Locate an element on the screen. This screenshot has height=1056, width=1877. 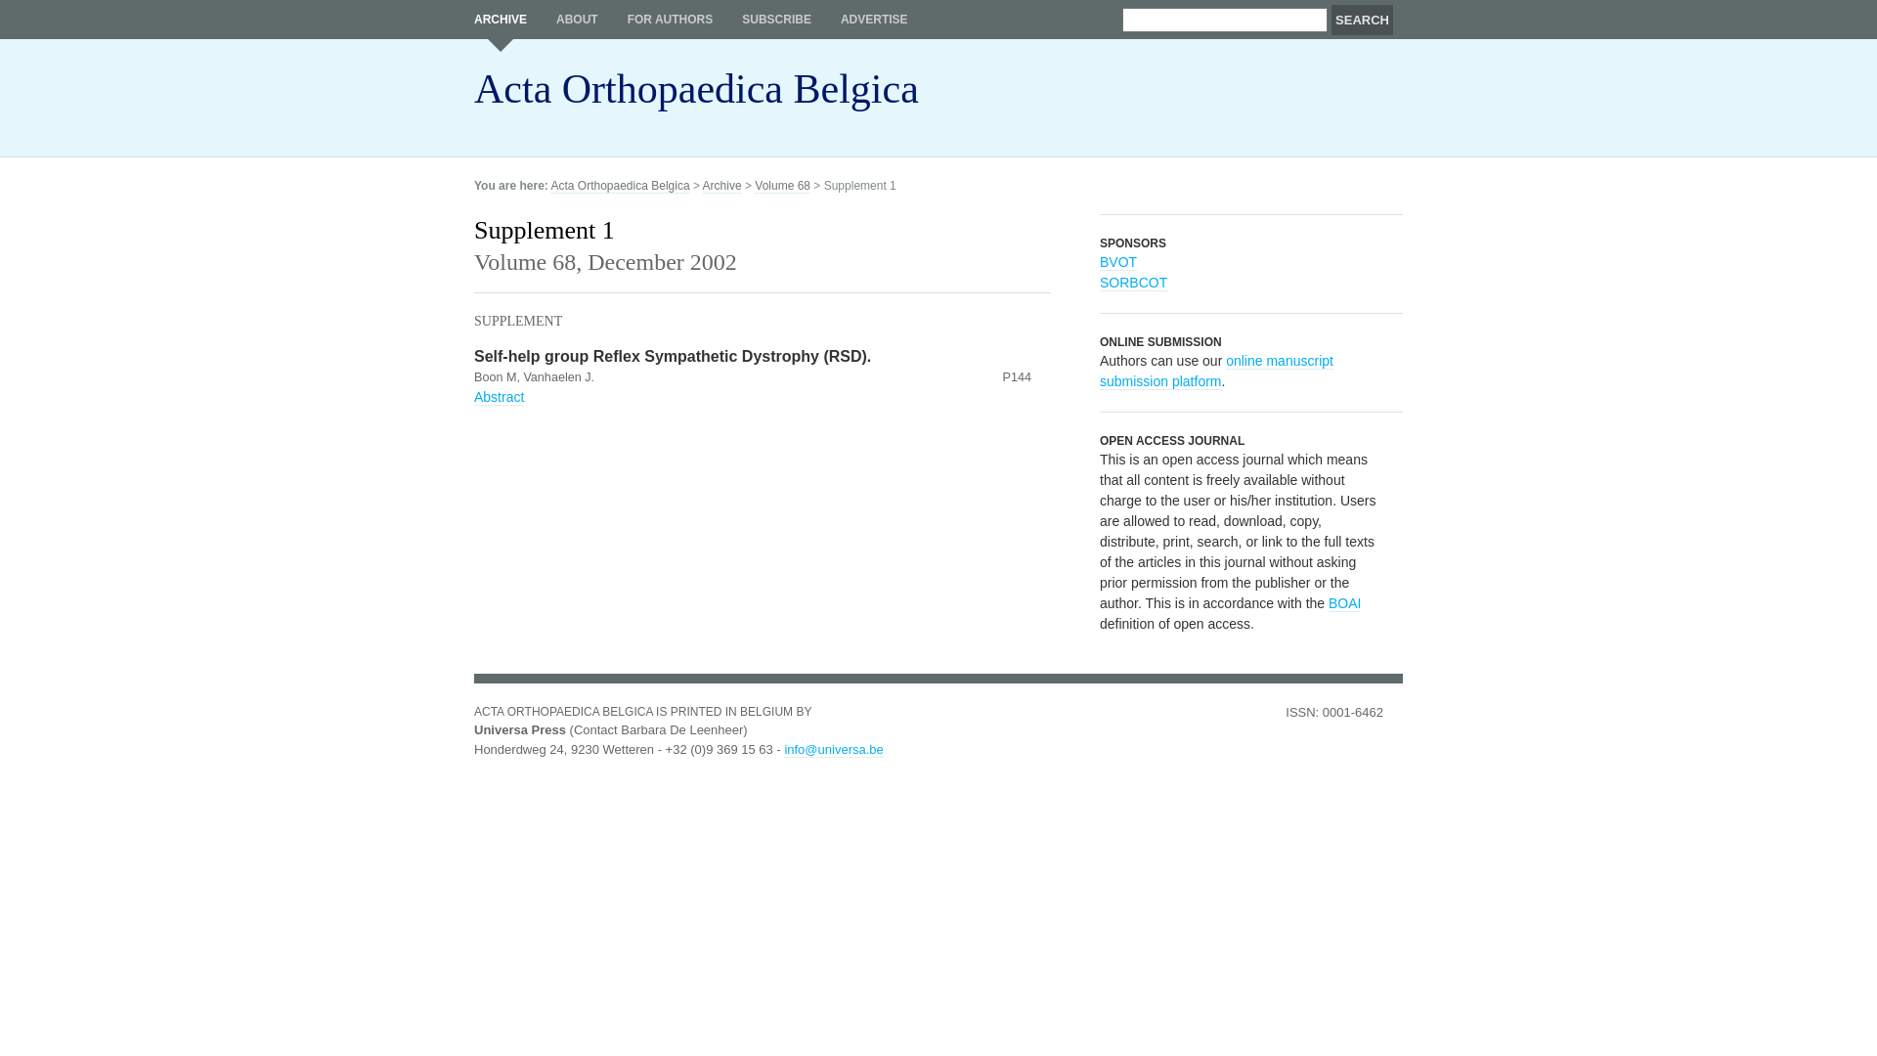
'ARCHIVE' is located at coordinates (501, 25).